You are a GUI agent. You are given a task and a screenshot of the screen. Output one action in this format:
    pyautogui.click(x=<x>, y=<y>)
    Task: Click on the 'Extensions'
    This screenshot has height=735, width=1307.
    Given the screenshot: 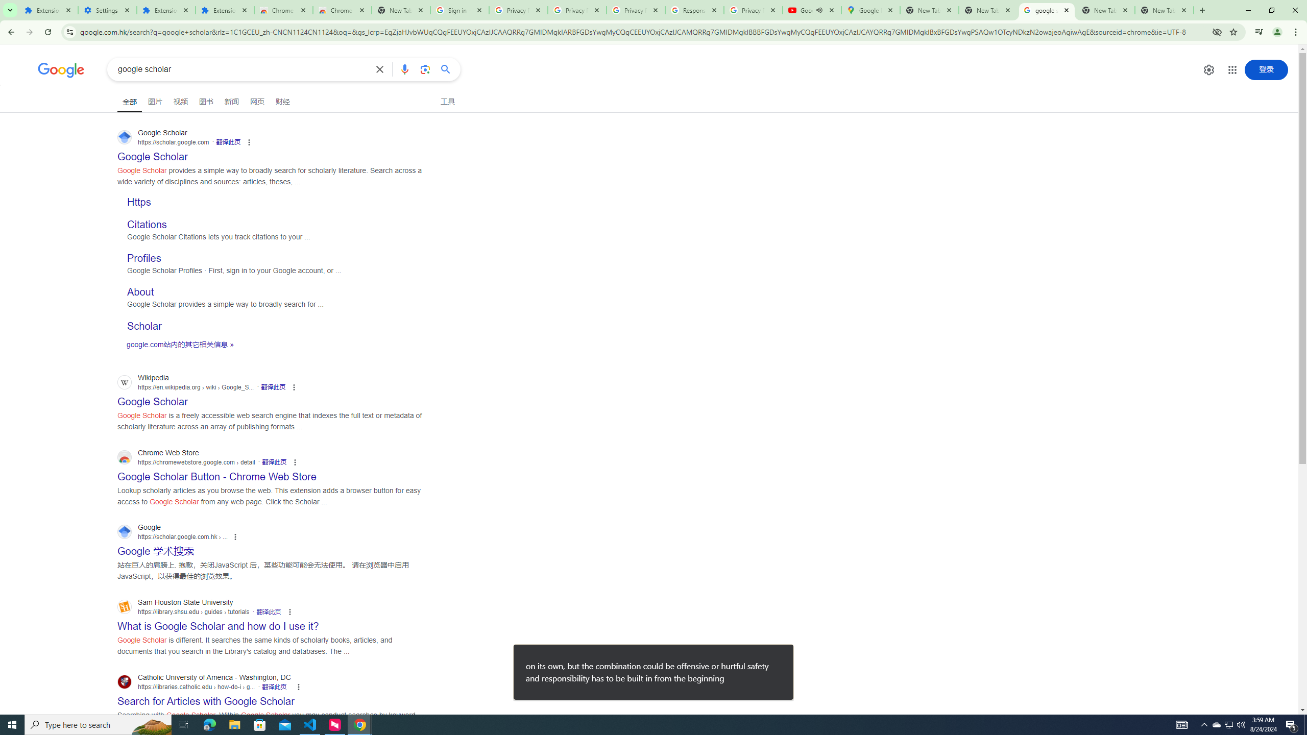 What is the action you would take?
    pyautogui.click(x=47, y=10)
    